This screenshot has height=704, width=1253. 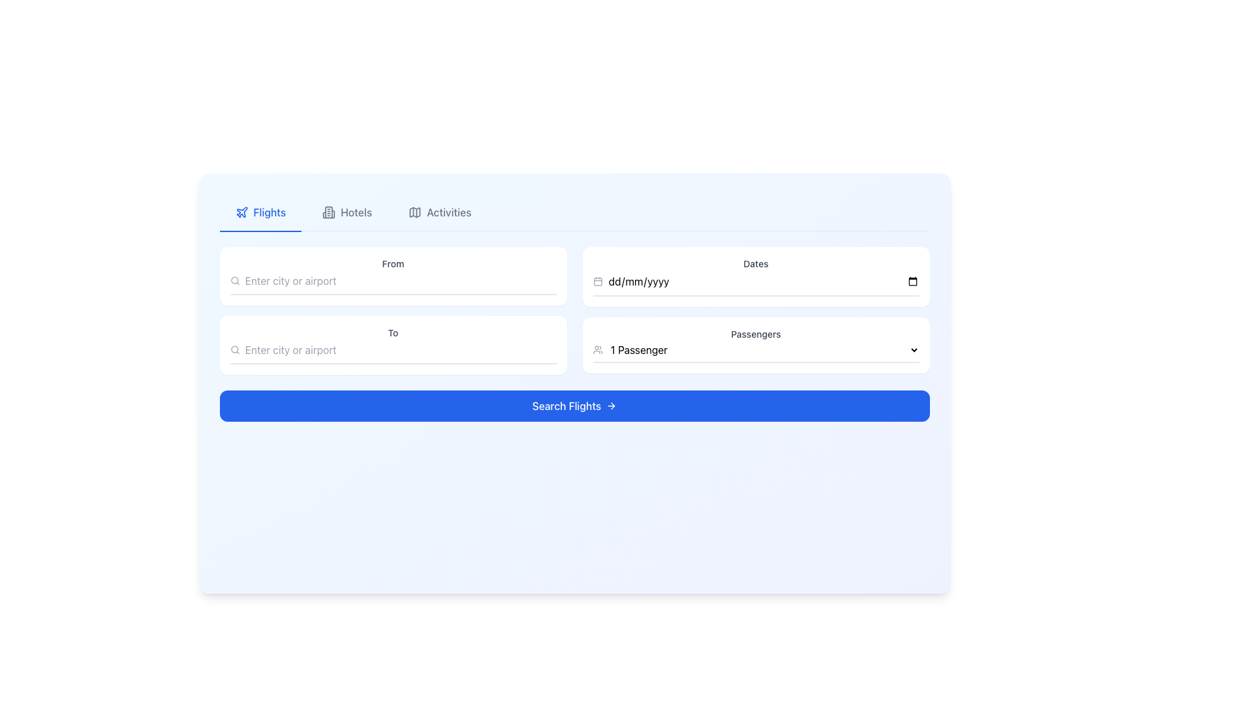 What do you see at coordinates (764, 281) in the screenshot?
I see `the Date input field located in the top-right section of the 'Dates' row to focus on it` at bounding box center [764, 281].